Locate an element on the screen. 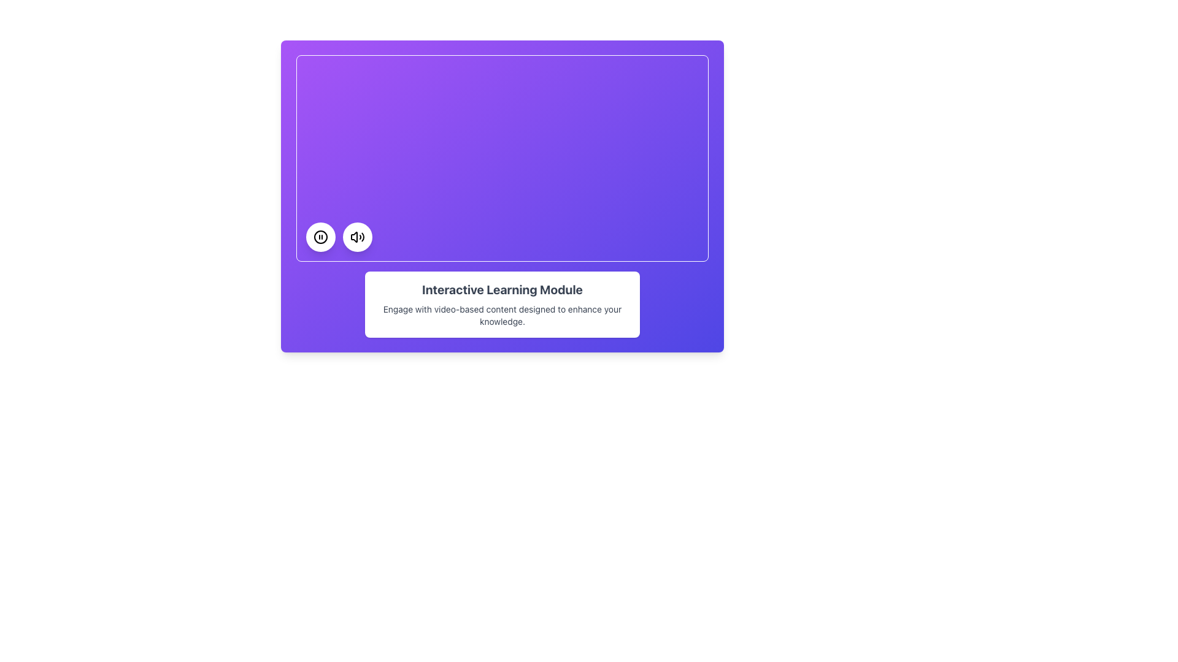  text content of the descriptive Text block located directly below the title 'Interactive Learning Module' on a white rectangular box against a purple background is located at coordinates (502, 315).